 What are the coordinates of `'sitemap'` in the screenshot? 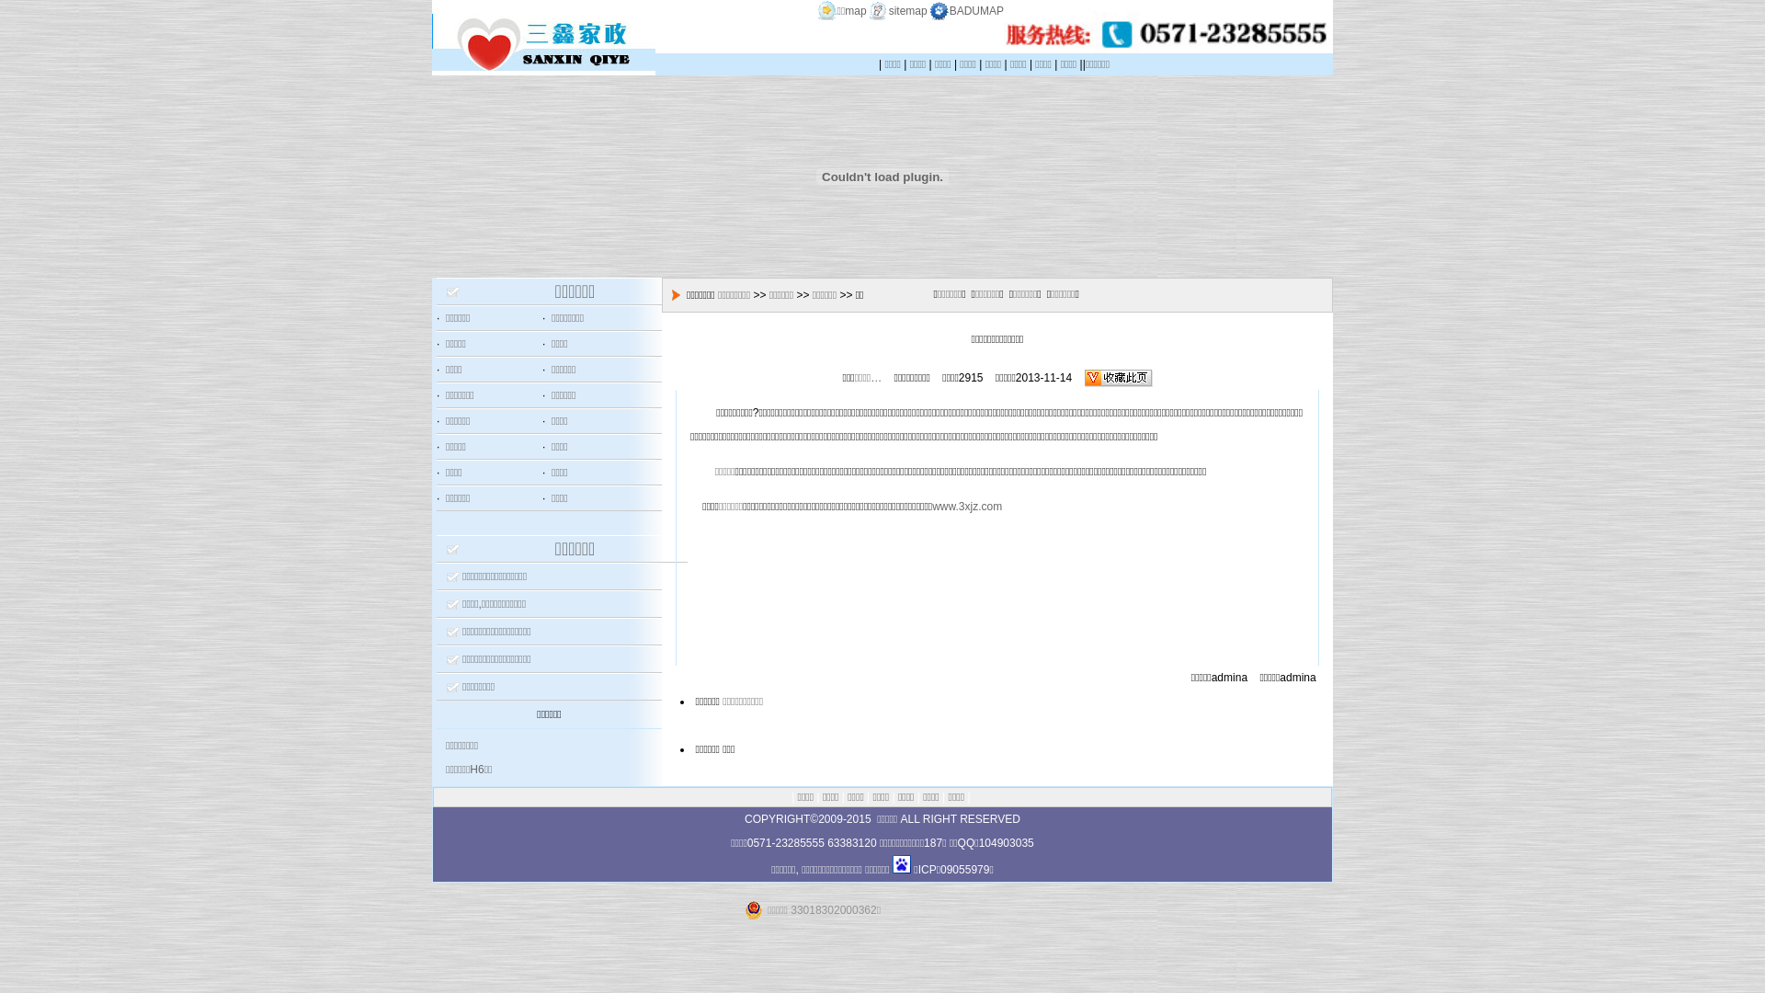 It's located at (865, 10).